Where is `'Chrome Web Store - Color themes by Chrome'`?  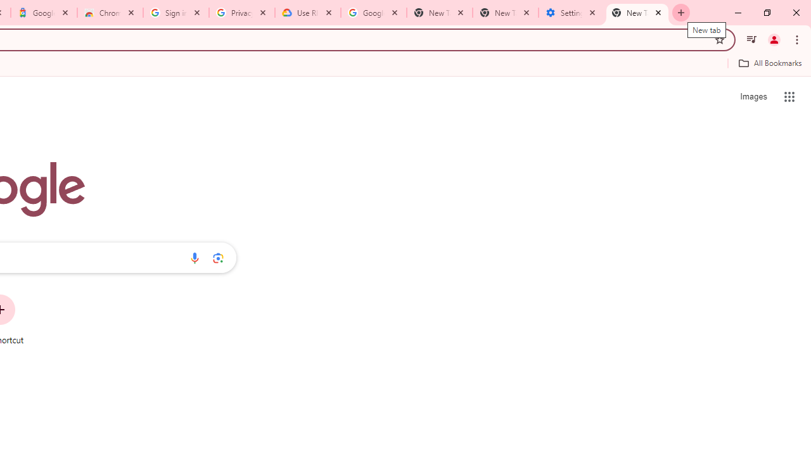 'Chrome Web Store - Color themes by Chrome' is located at coordinates (110, 13).